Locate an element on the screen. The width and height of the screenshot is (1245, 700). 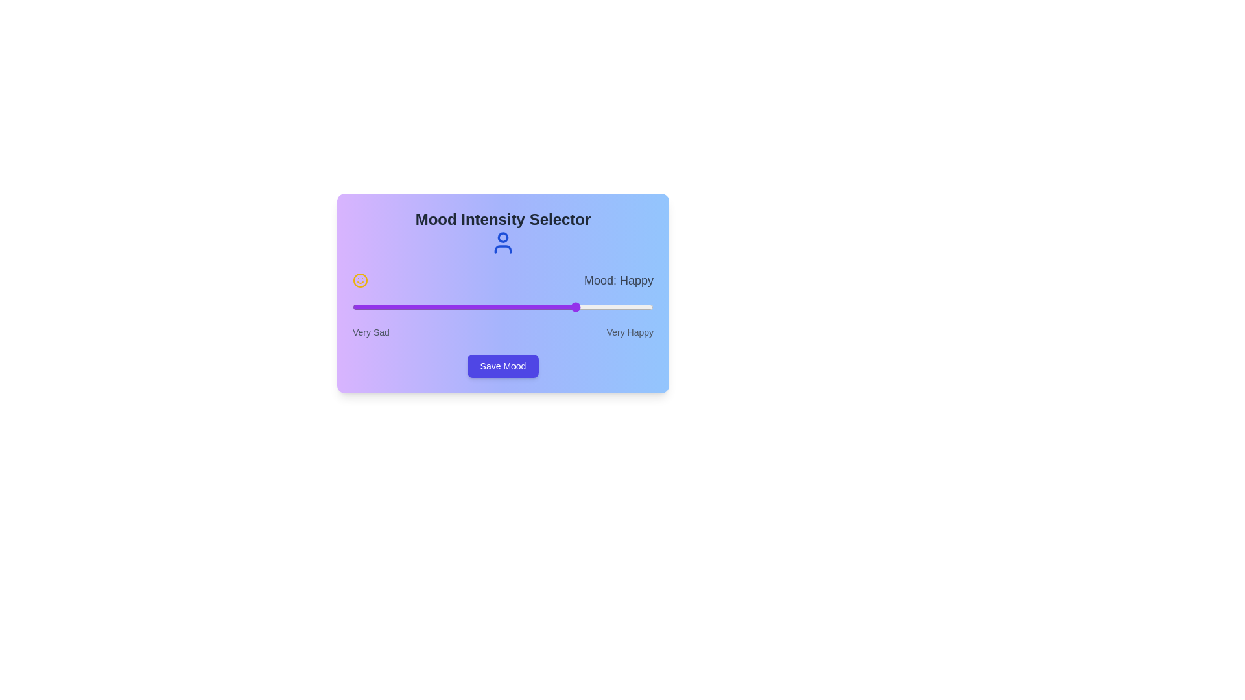
the mood level slider to 3 is located at coordinates (578, 307).